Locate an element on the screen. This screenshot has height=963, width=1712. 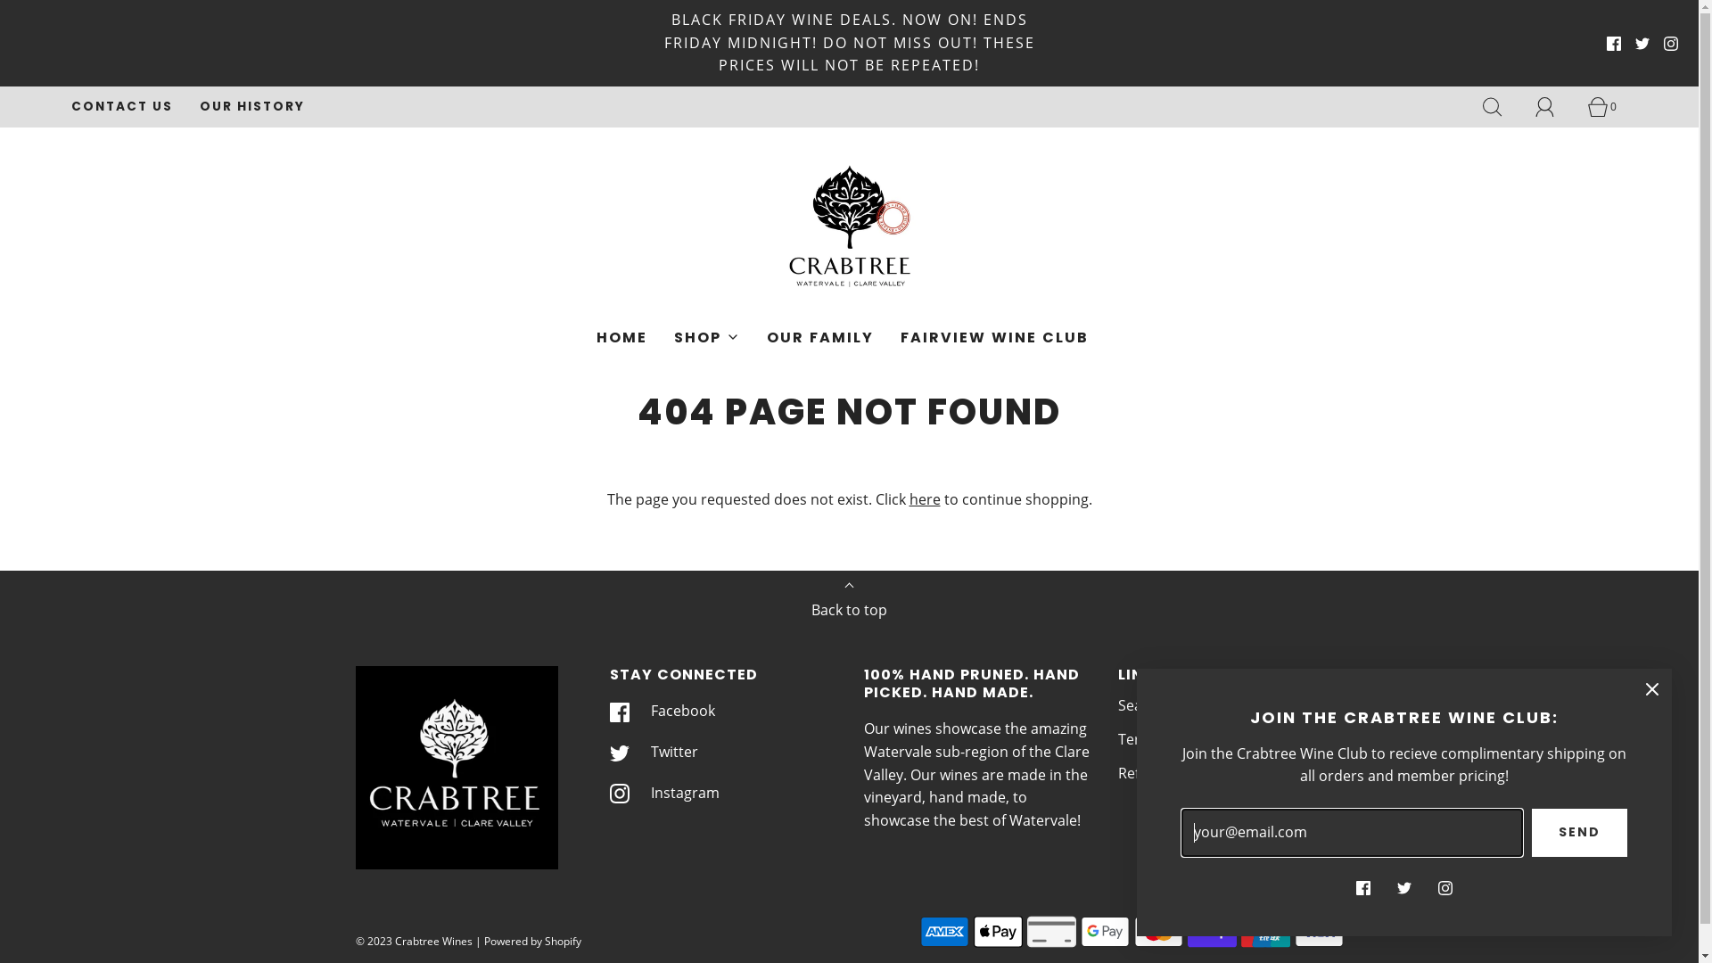
'Twitter icon Twitter' is located at coordinates (653, 753).